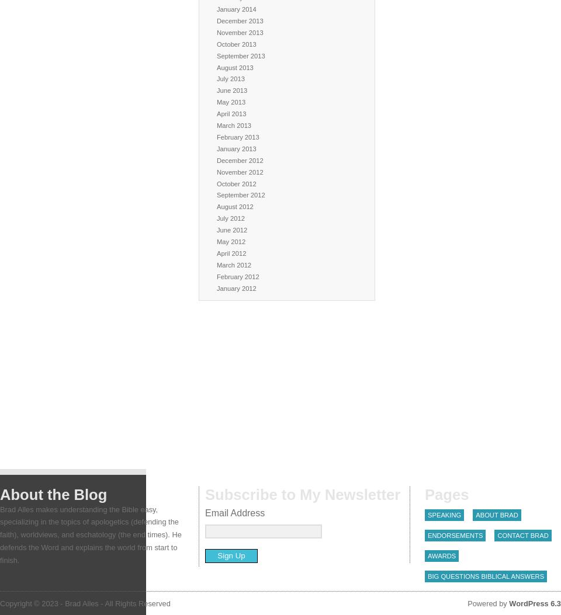  I want to click on 'Copyright © 2023 - Brad Alles - All Rights Reserved', so click(84, 602).